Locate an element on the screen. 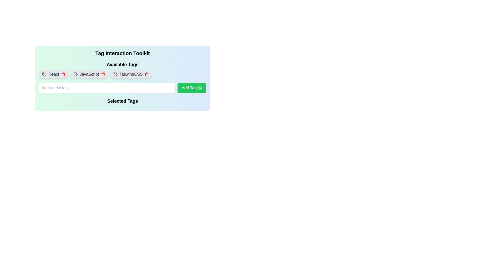 The width and height of the screenshot is (494, 278). the SVG circle element that serves as a visual indicator for the 'Add Tag' button, located on the right side of the button is located at coordinates (200, 88).